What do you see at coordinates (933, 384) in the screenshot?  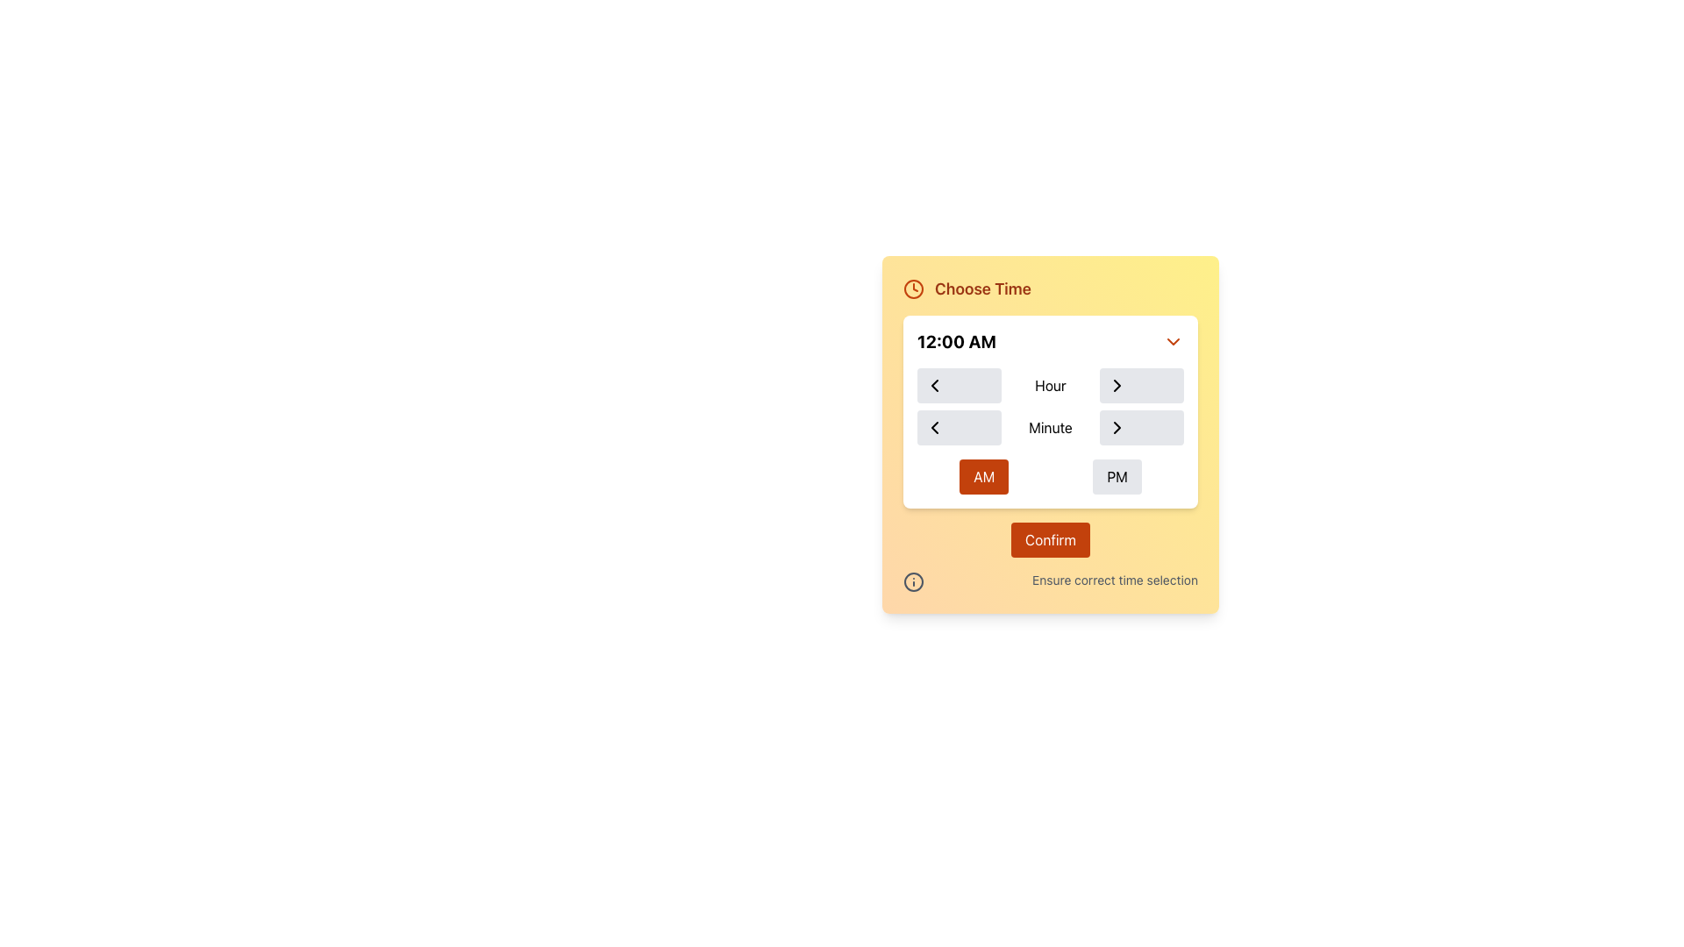 I see `the decrement button located below the '12:00 AM' label and to the left of the 'Hour' label to decrease the hour value` at bounding box center [933, 384].